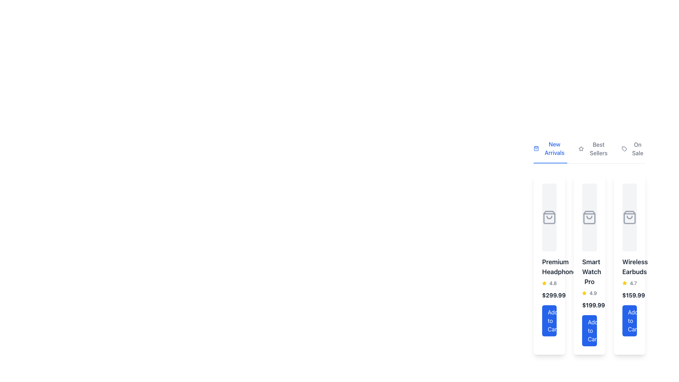 The width and height of the screenshot is (679, 382). Describe the element at coordinates (584, 293) in the screenshot. I see `the second star icon from the left in the product rating line for 'Smart Watch Pro', which visually represents part of the rating system` at that location.